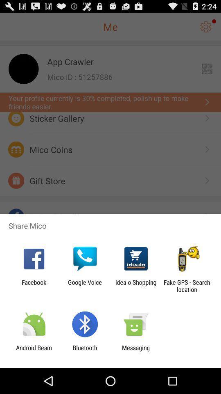 Image resolution: width=221 pixels, height=394 pixels. What do you see at coordinates (187, 286) in the screenshot?
I see `the item to the right of idealo shopping item` at bounding box center [187, 286].